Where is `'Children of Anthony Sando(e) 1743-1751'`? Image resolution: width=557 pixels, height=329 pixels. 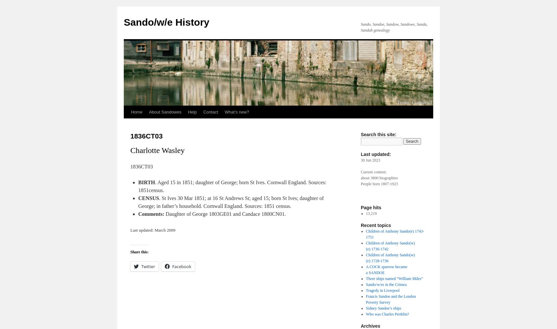
'Children of Anthony Sando(e) 1743-1751' is located at coordinates (394, 234).